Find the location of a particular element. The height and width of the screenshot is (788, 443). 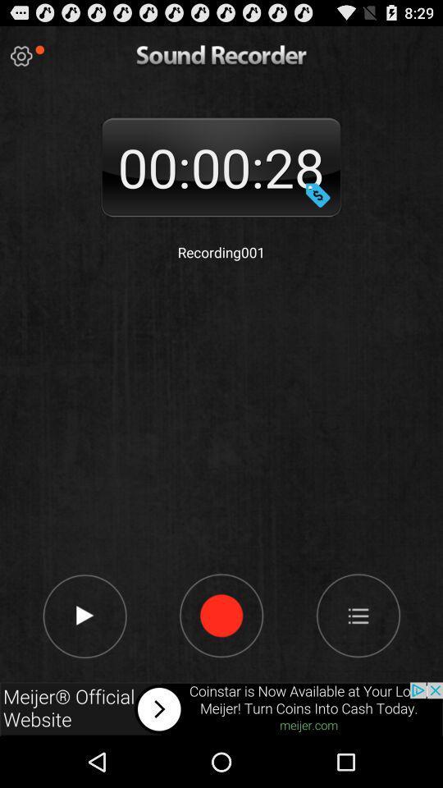

record button is located at coordinates (317, 195).